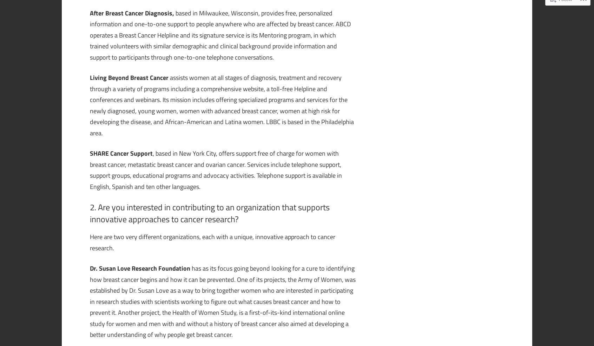 The image size is (594, 346). I want to click on 'Dr. Susan Love Research Foundation', so click(90, 268).